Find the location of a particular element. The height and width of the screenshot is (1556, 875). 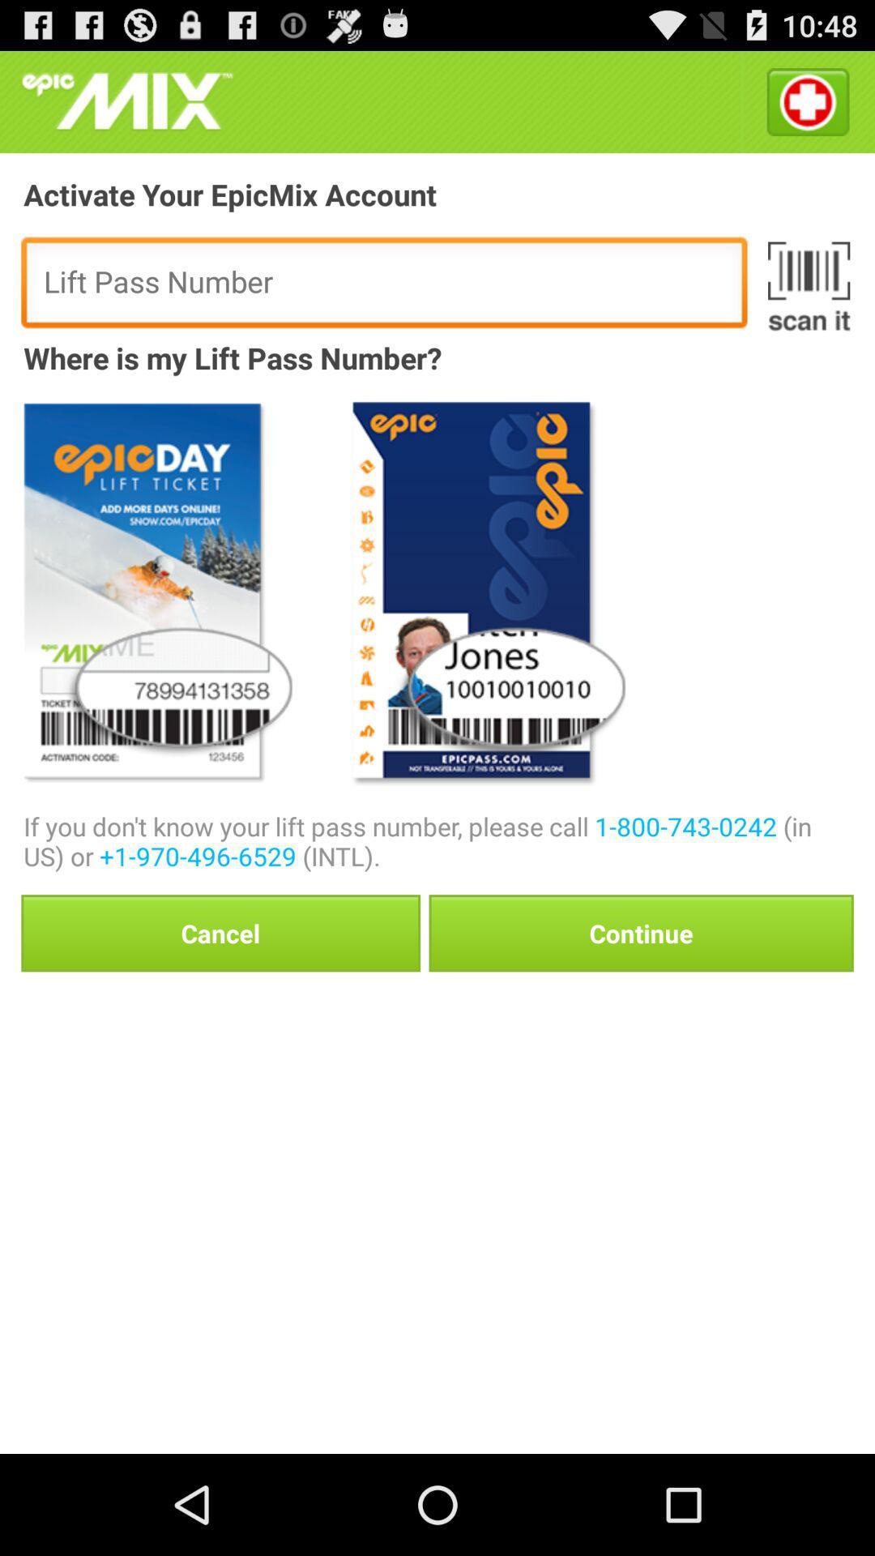

item above the cancel button is located at coordinates (438, 840).